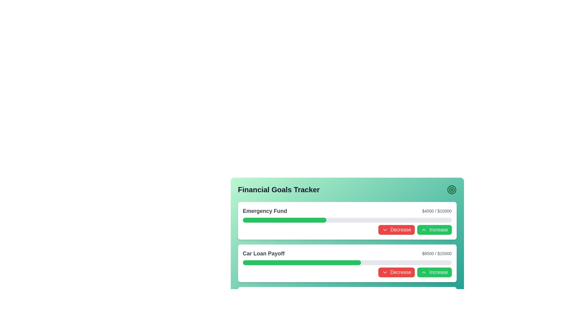 The height and width of the screenshot is (328, 583). I want to click on the chevron icon located to the left of the 'Decrease' text in the Decrease button, so click(384, 230).